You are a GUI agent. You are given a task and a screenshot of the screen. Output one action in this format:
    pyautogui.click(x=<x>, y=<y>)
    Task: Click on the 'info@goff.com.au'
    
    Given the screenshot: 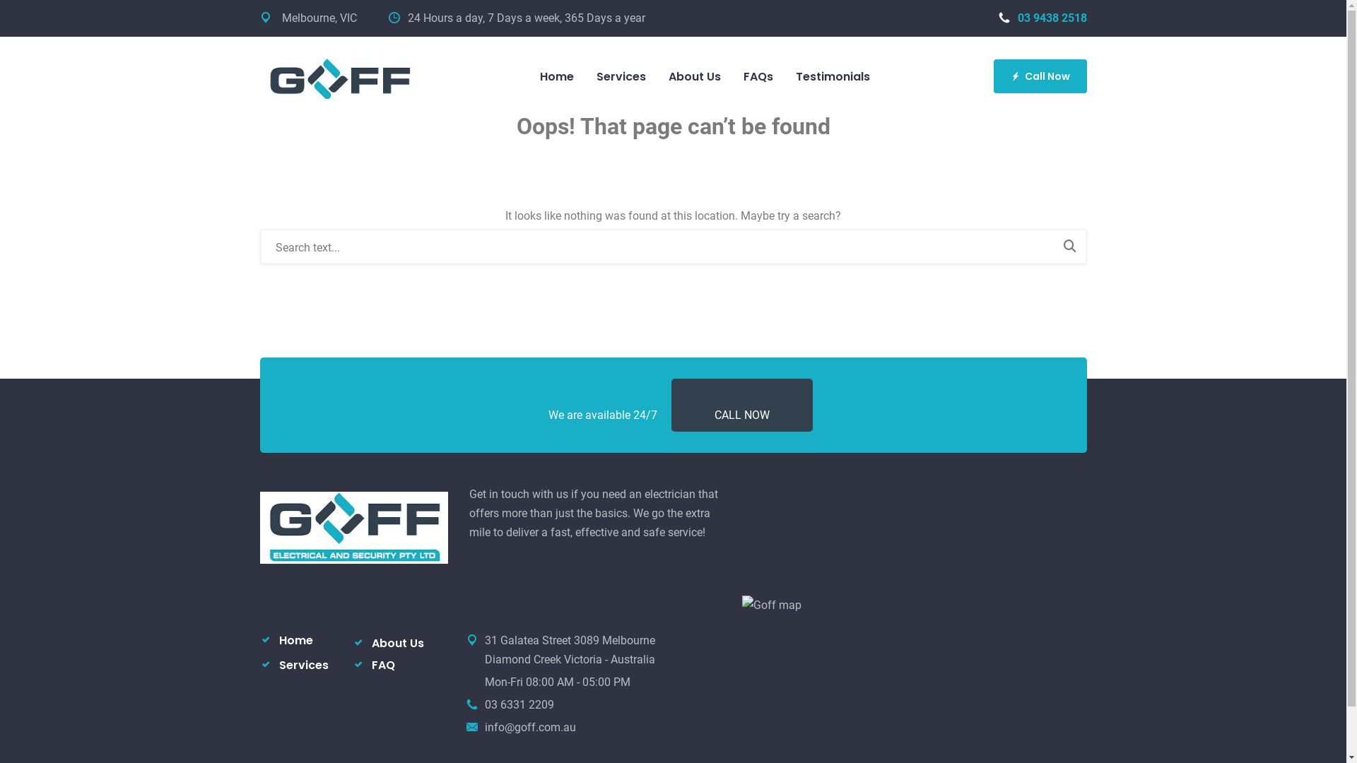 What is the action you would take?
    pyautogui.click(x=529, y=727)
    